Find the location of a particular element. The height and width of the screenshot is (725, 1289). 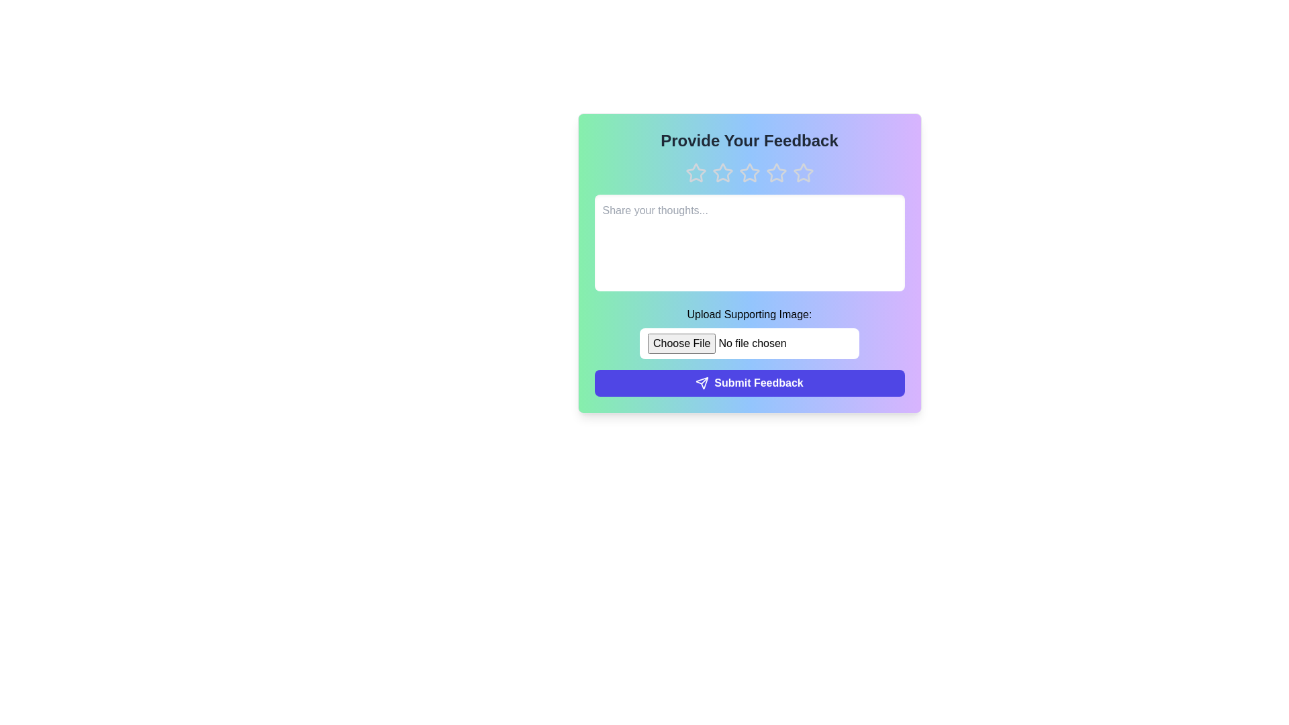

instruction text displayed in the Text Label element that states 'Upload Supporting Image:', which is positioned above the file input field is located at coordinates (749, 315).